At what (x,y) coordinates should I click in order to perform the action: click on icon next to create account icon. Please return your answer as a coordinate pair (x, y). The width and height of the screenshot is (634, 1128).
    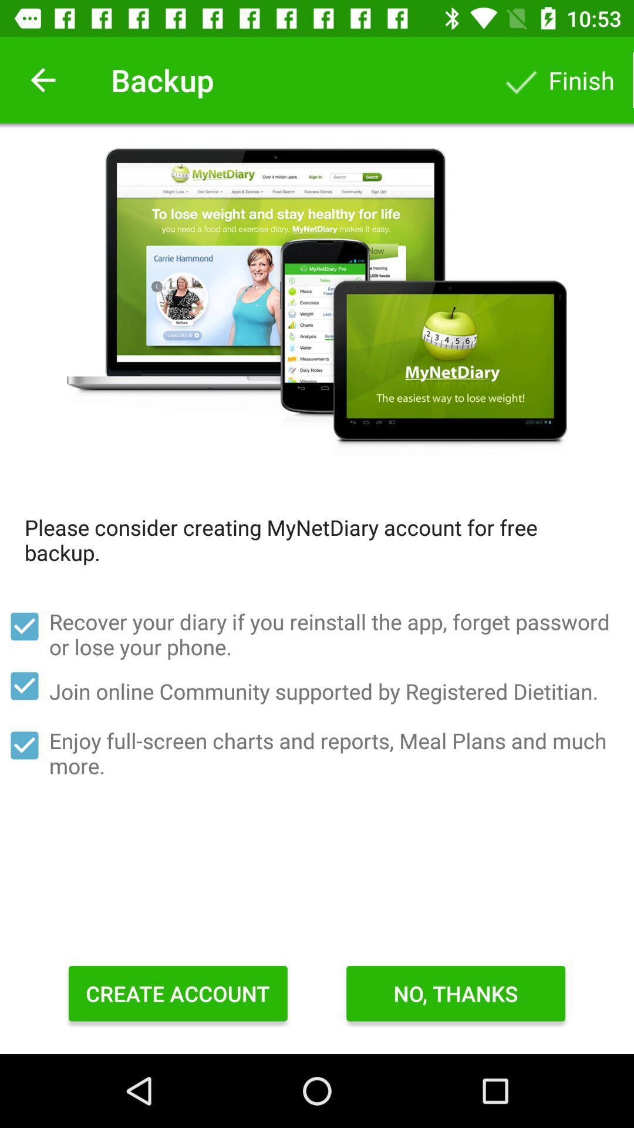
    Looking at the image, I should click on (455, 993).